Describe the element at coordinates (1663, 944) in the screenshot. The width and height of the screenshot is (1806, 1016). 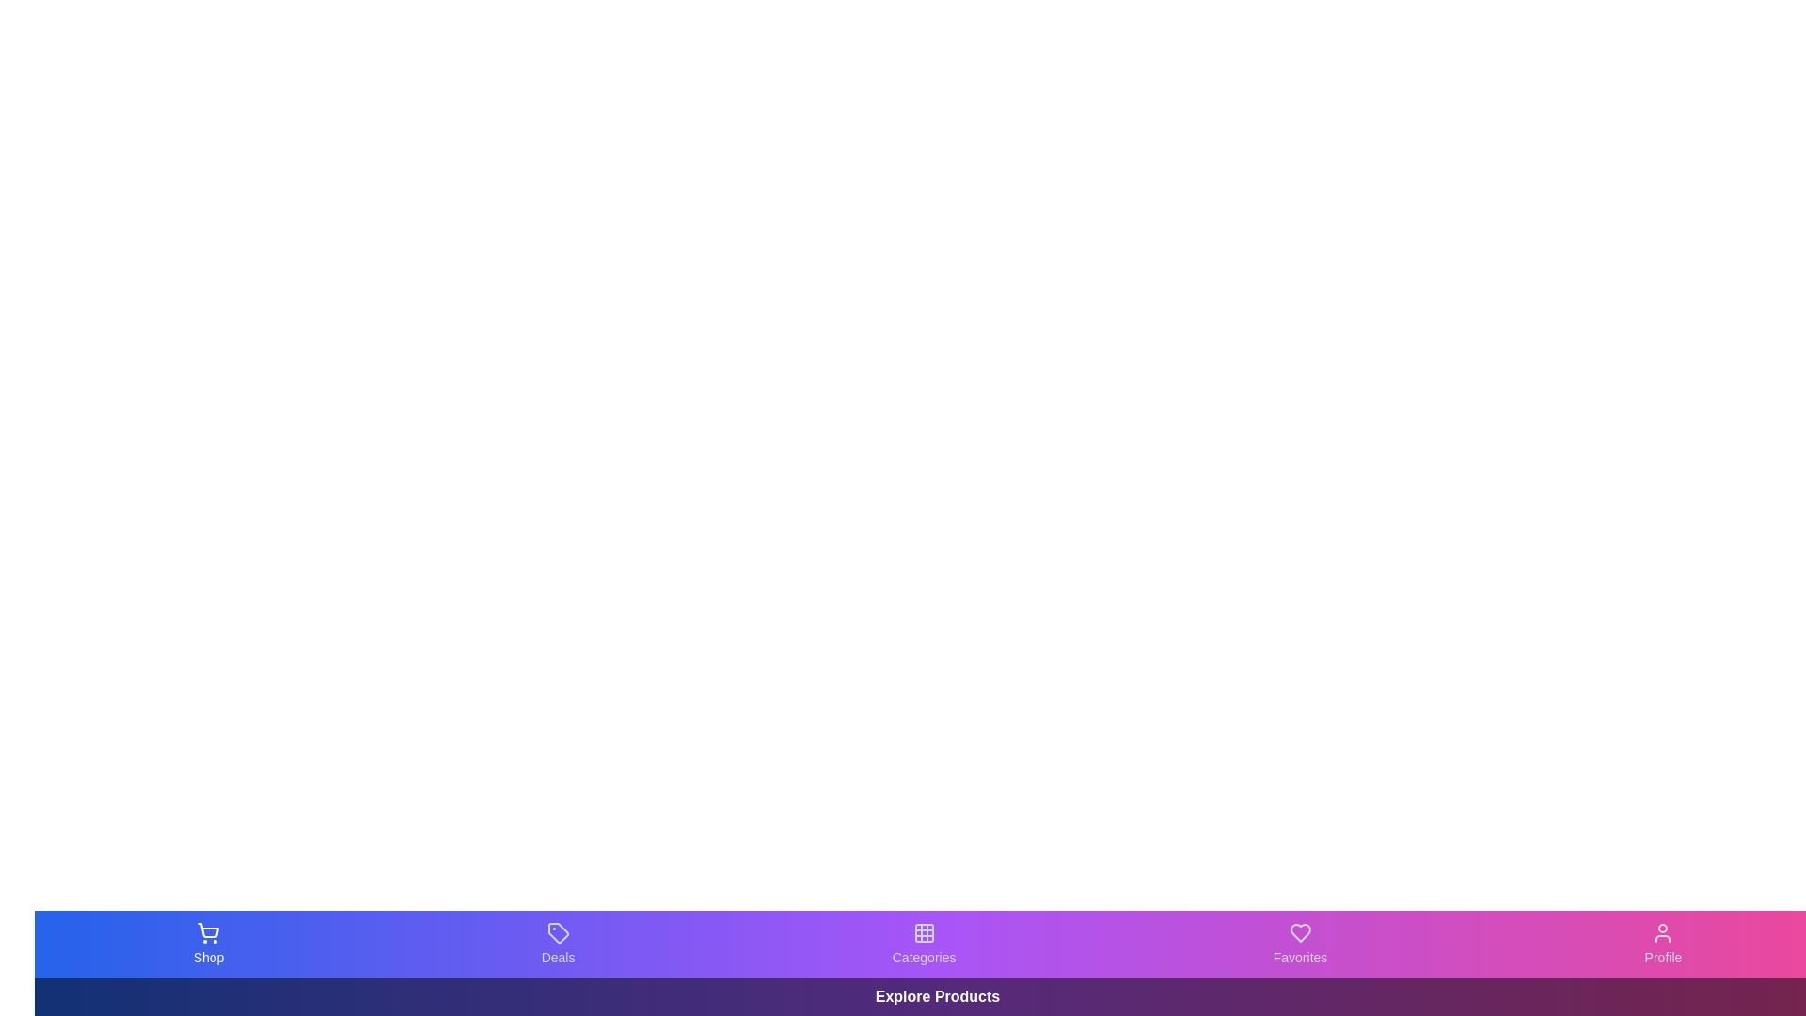
I see `the button labeled Profile to inspect its visual hover effect` at that location.